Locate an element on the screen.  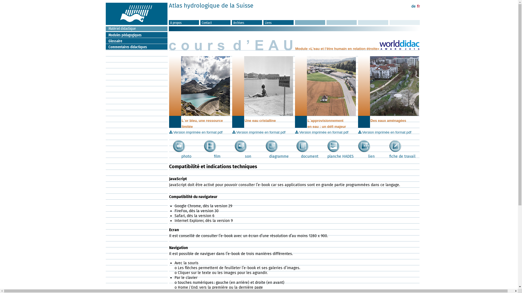
'de' is located at coordinates (413, 6).